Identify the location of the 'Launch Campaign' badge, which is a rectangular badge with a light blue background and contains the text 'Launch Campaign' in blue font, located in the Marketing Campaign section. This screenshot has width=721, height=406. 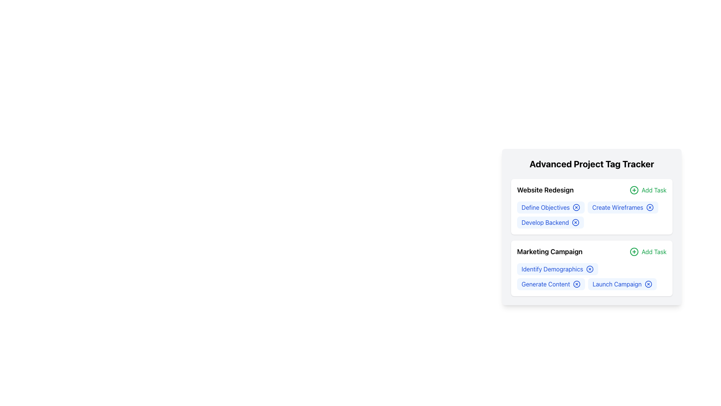
(622, 284).